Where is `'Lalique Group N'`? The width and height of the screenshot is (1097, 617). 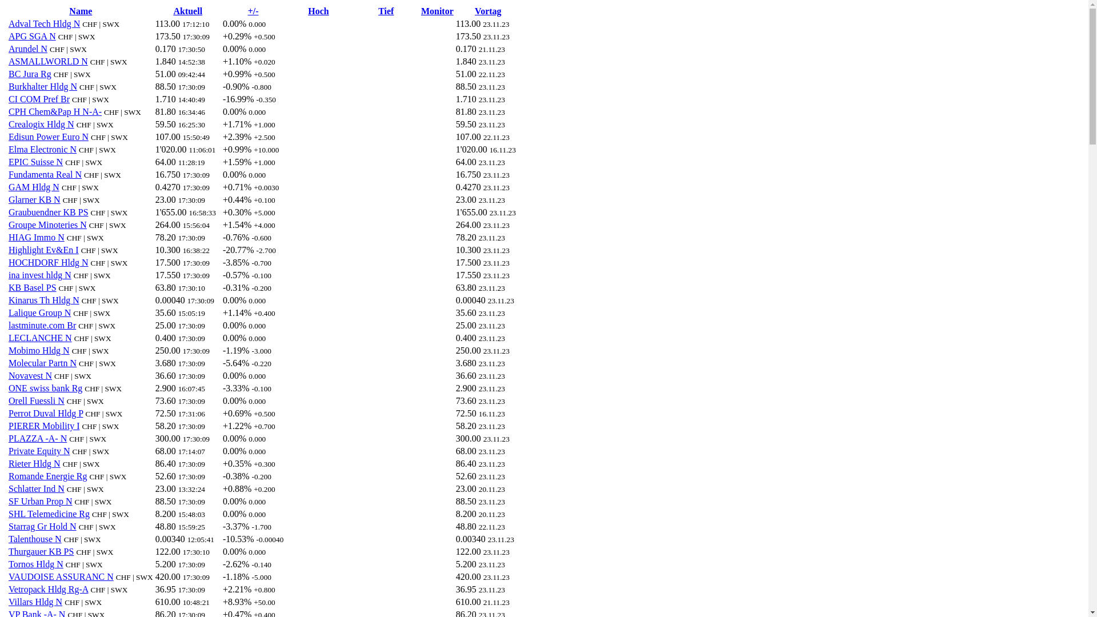 'Lalique Group N' is located at coordinates (39, 312).